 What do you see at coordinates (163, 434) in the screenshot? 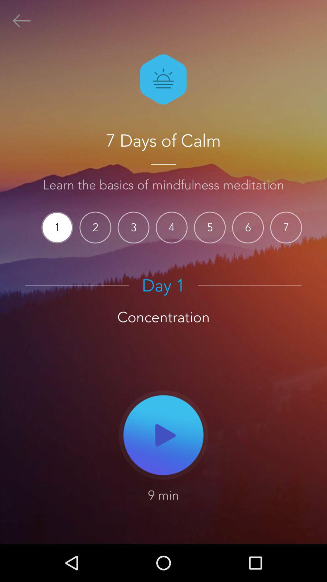
I see `play` at bounding box center [163, 434].